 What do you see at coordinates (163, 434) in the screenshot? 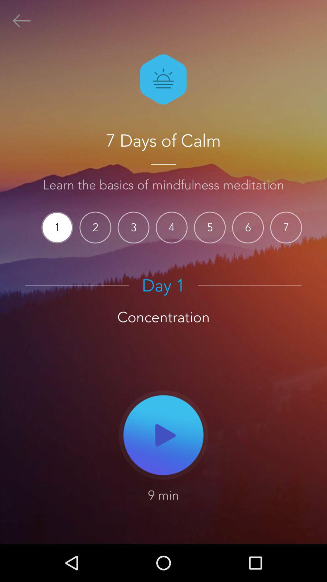
I see `play` at bounding box center [163, 434].